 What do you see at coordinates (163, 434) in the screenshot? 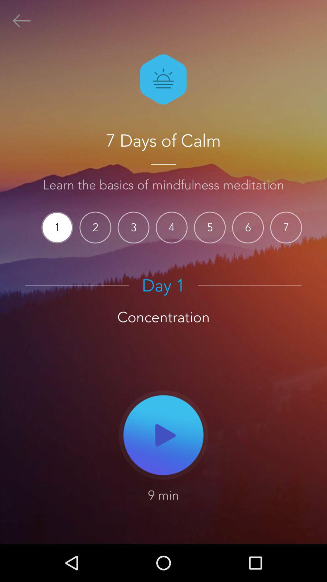
I see `play` at bounding box center [163, 434].